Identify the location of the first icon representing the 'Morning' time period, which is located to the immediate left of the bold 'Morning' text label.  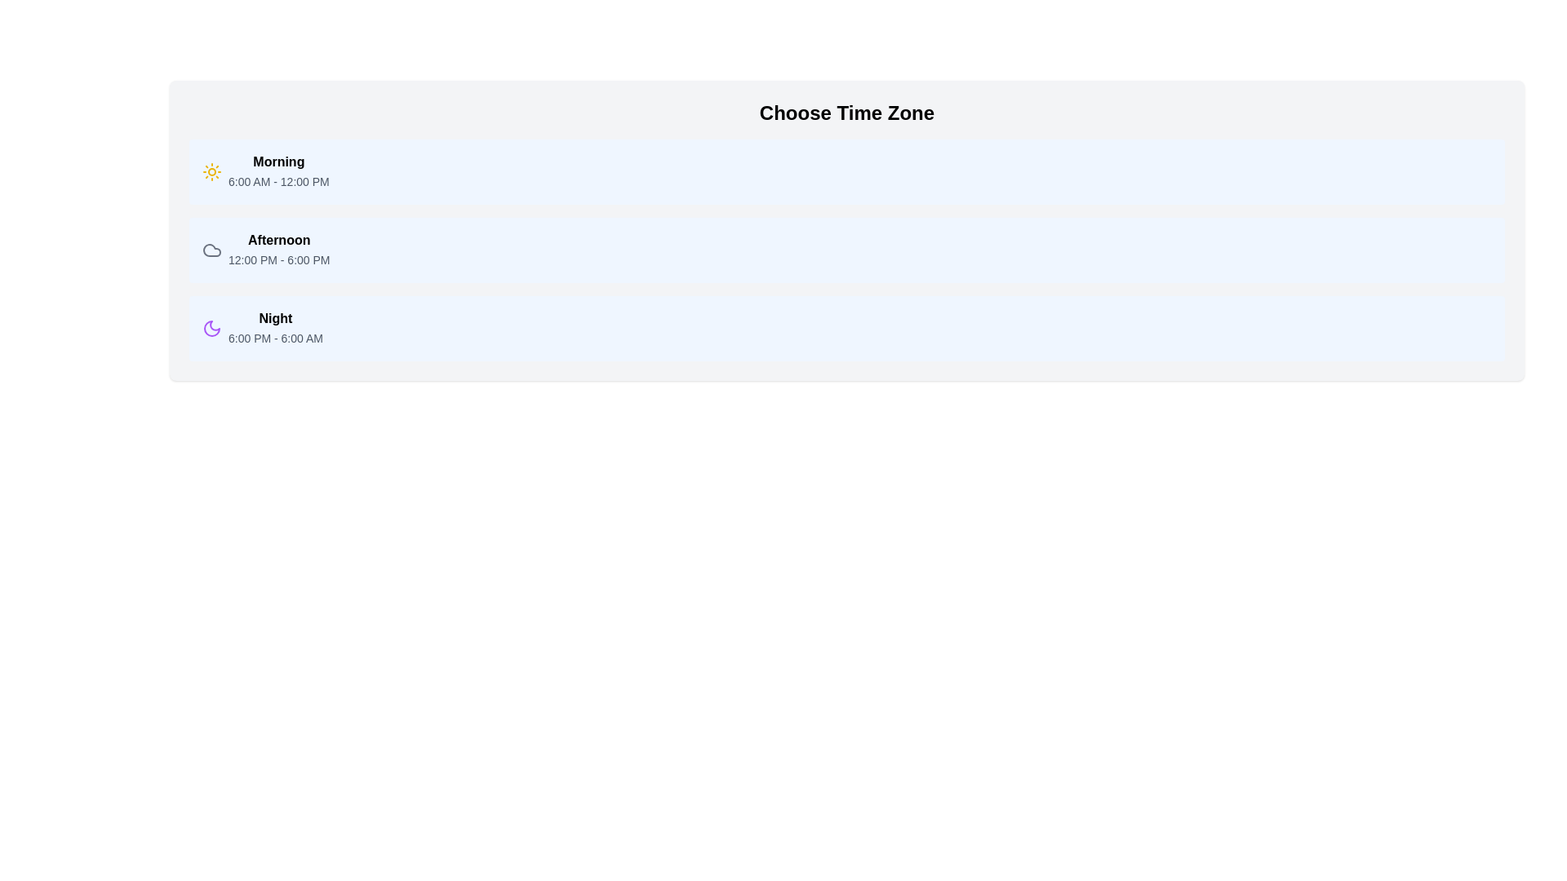
(211, 172).